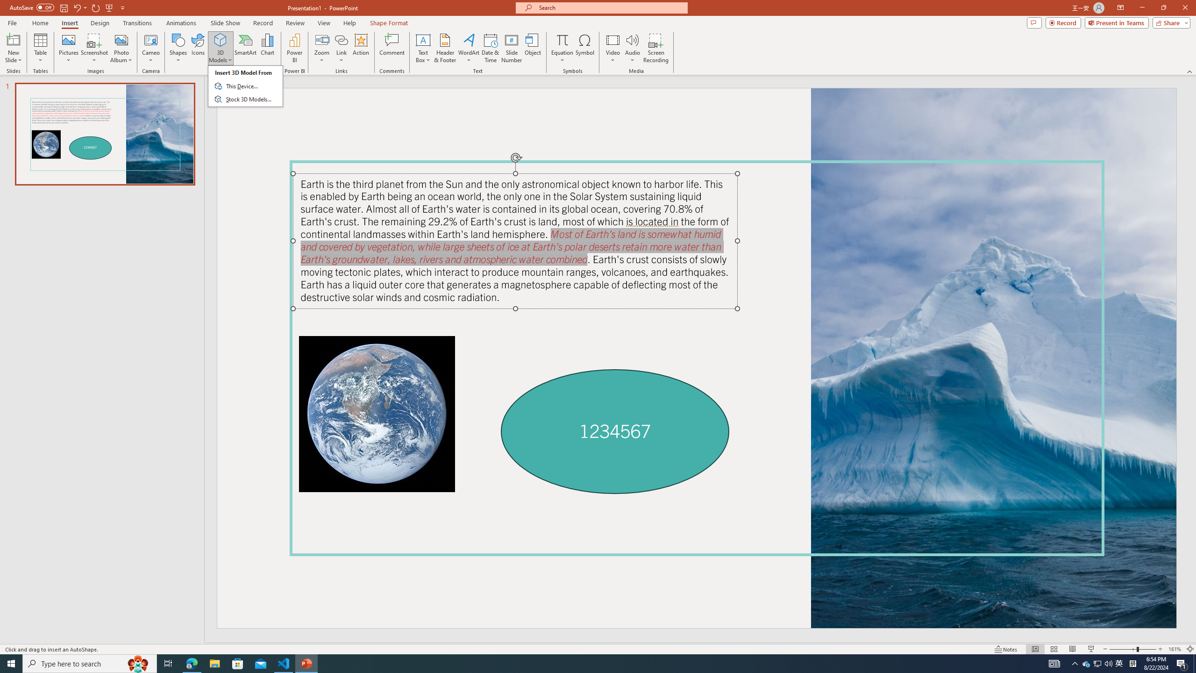  Describe the element at coordinates (613, 48) in the screenshot. I see `'Video'` at that location.